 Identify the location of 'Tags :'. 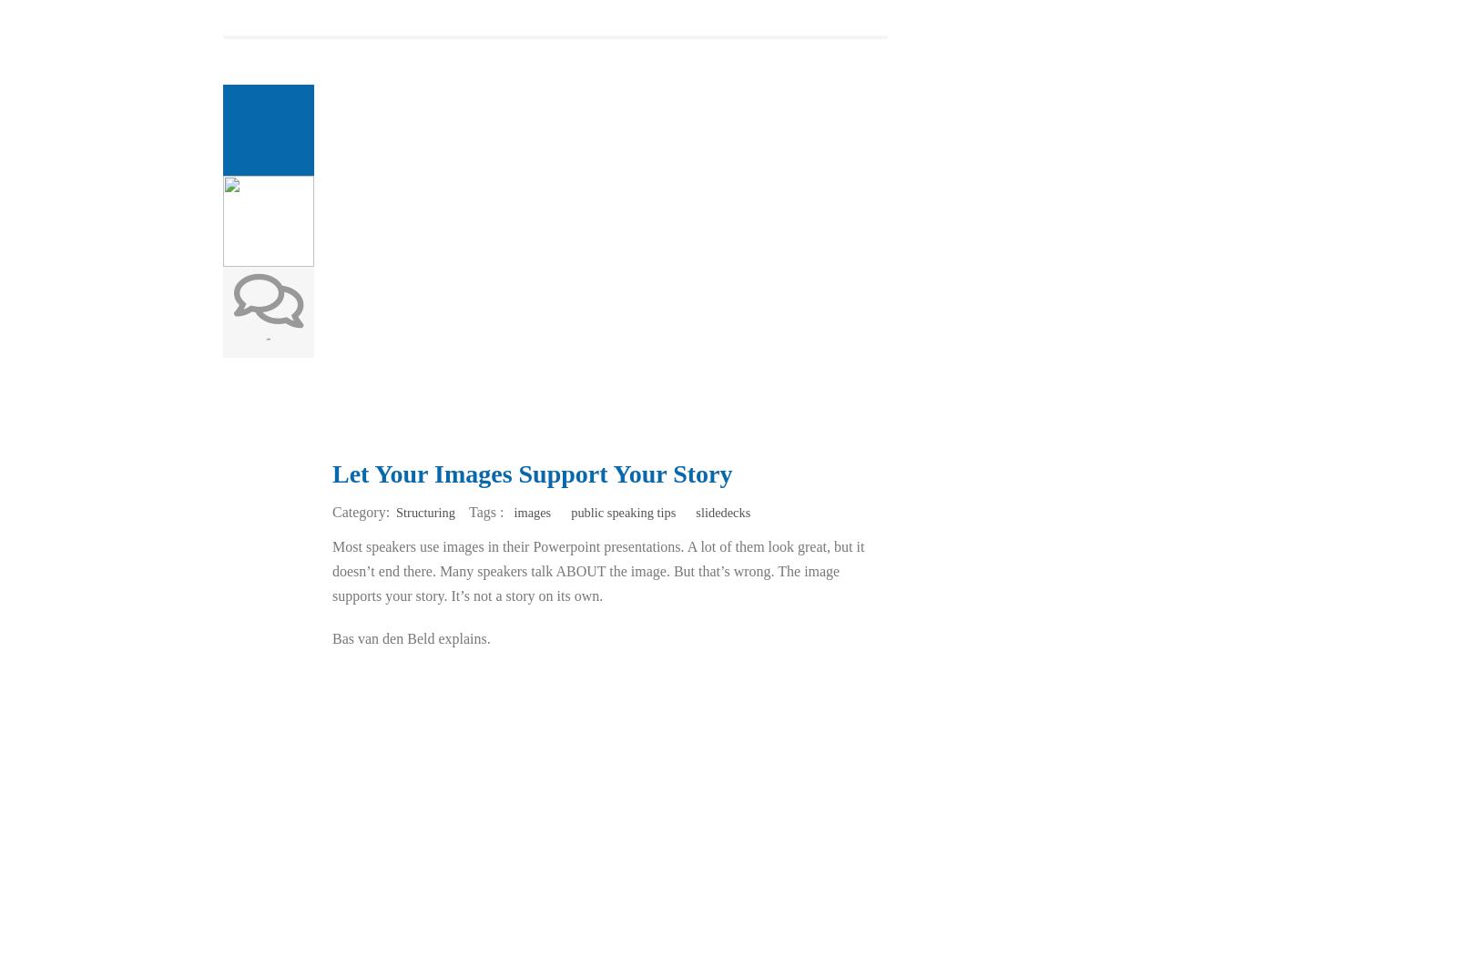
(468, 511).